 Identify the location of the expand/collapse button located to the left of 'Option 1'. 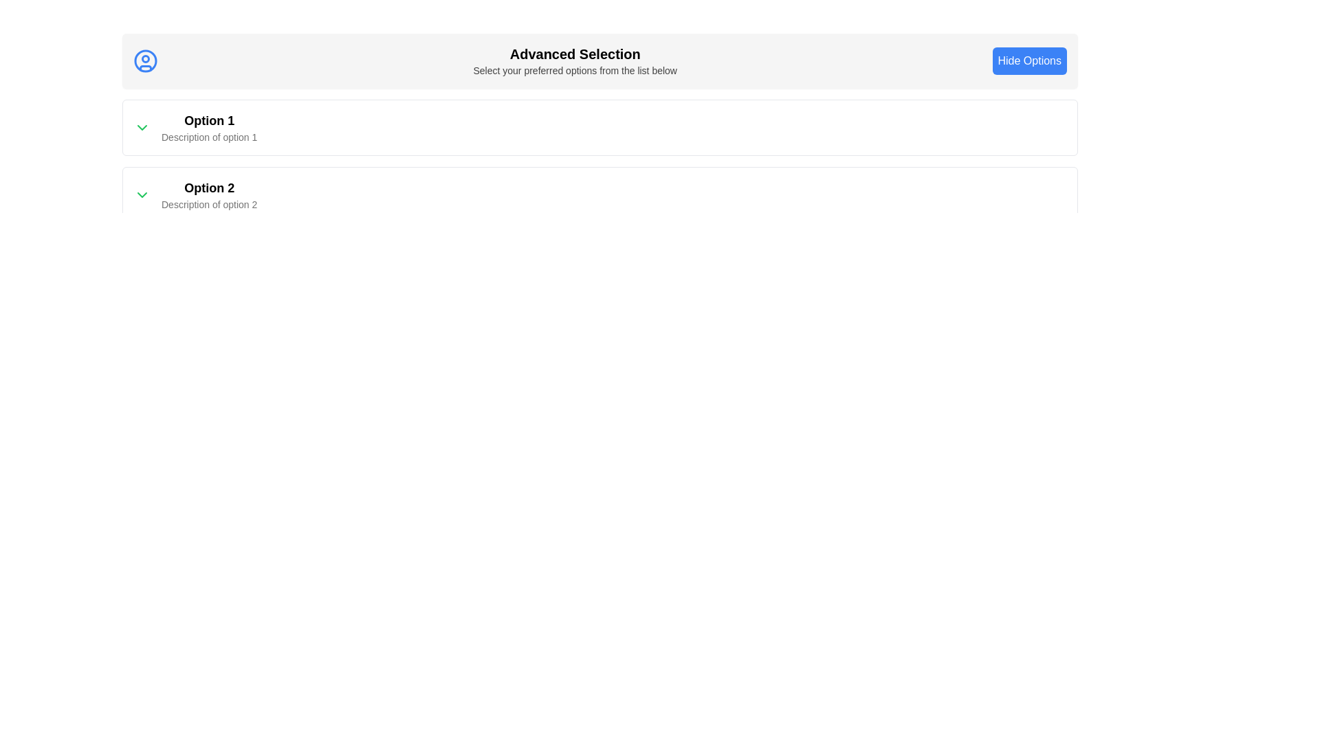
(142, 127).